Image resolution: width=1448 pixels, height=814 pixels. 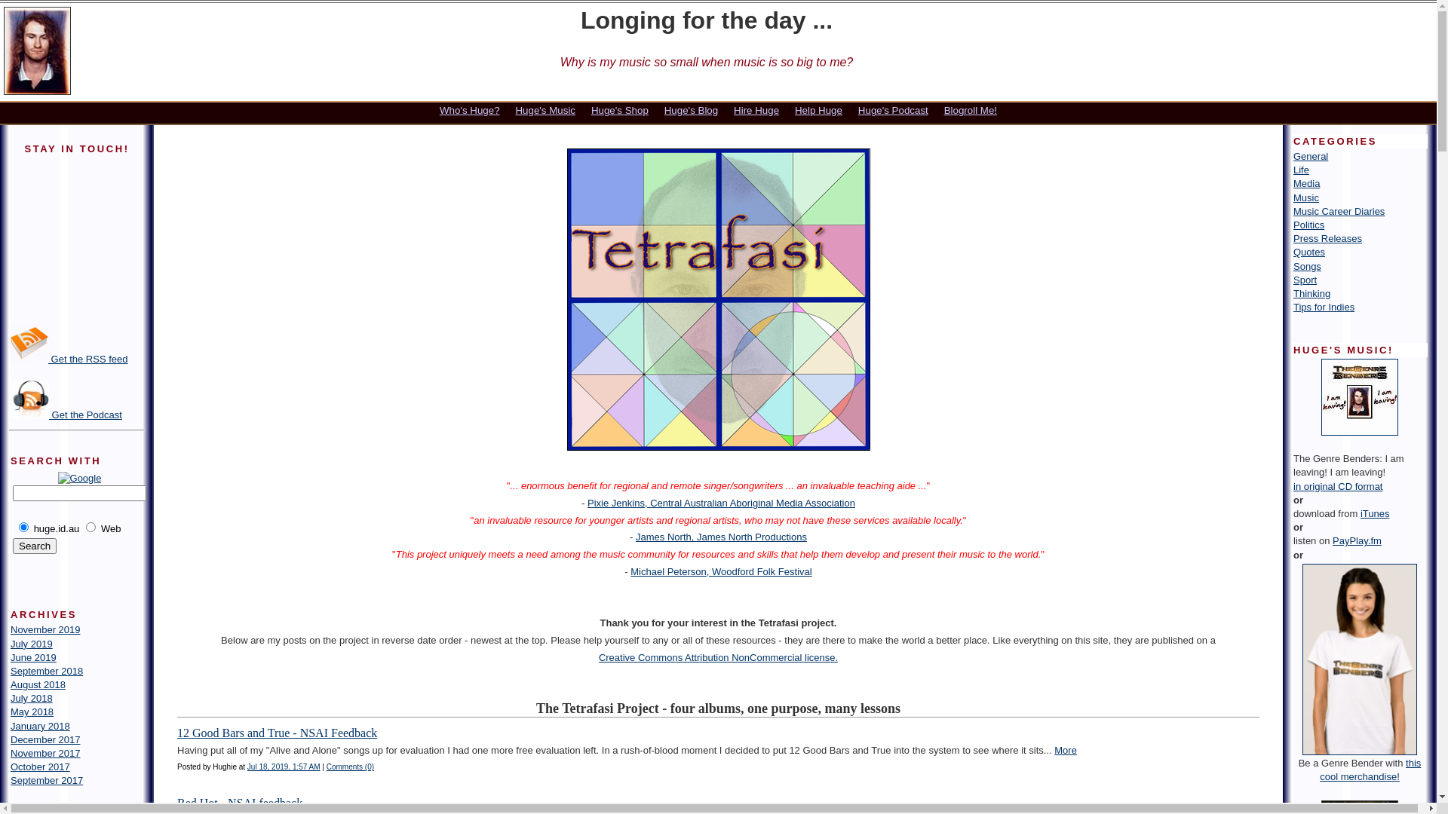 I want to click on 'October 2017', so click(x=40, y=767).